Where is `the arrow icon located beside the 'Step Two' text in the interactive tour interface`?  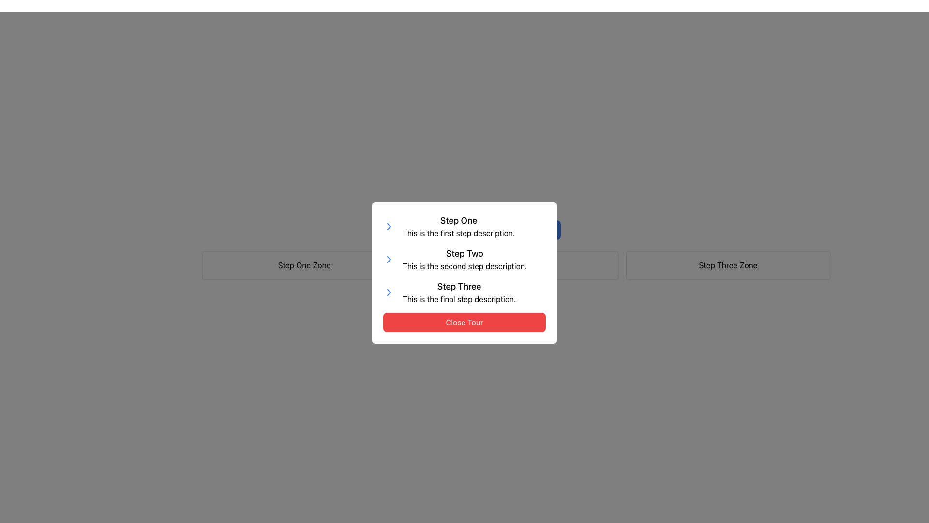
the arrow icon located beside the 'Step Two' text in the interactive tour interface is located at coordinates (389, 226).